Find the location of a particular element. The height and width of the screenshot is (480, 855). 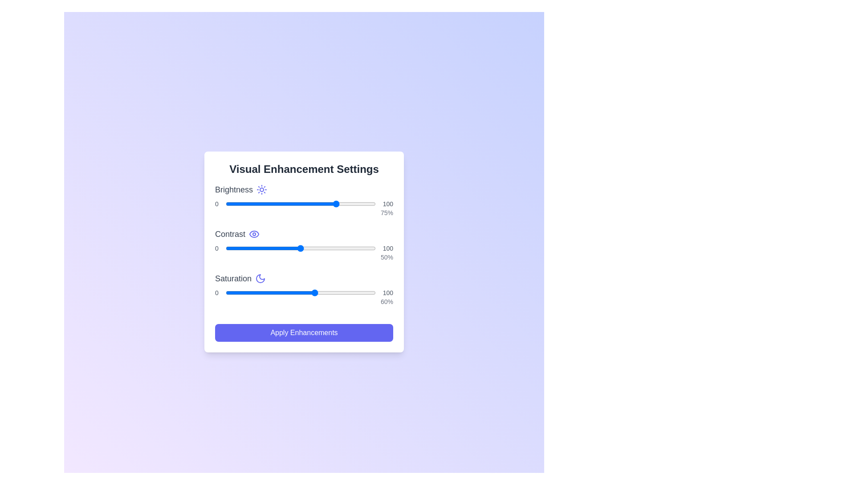

the brightness slider to set the brightness level to 83 is located at coordinates (350, 204).